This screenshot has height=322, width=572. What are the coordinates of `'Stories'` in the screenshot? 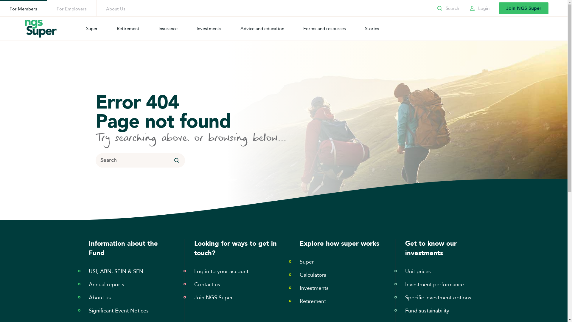 It's located at (372, 29).